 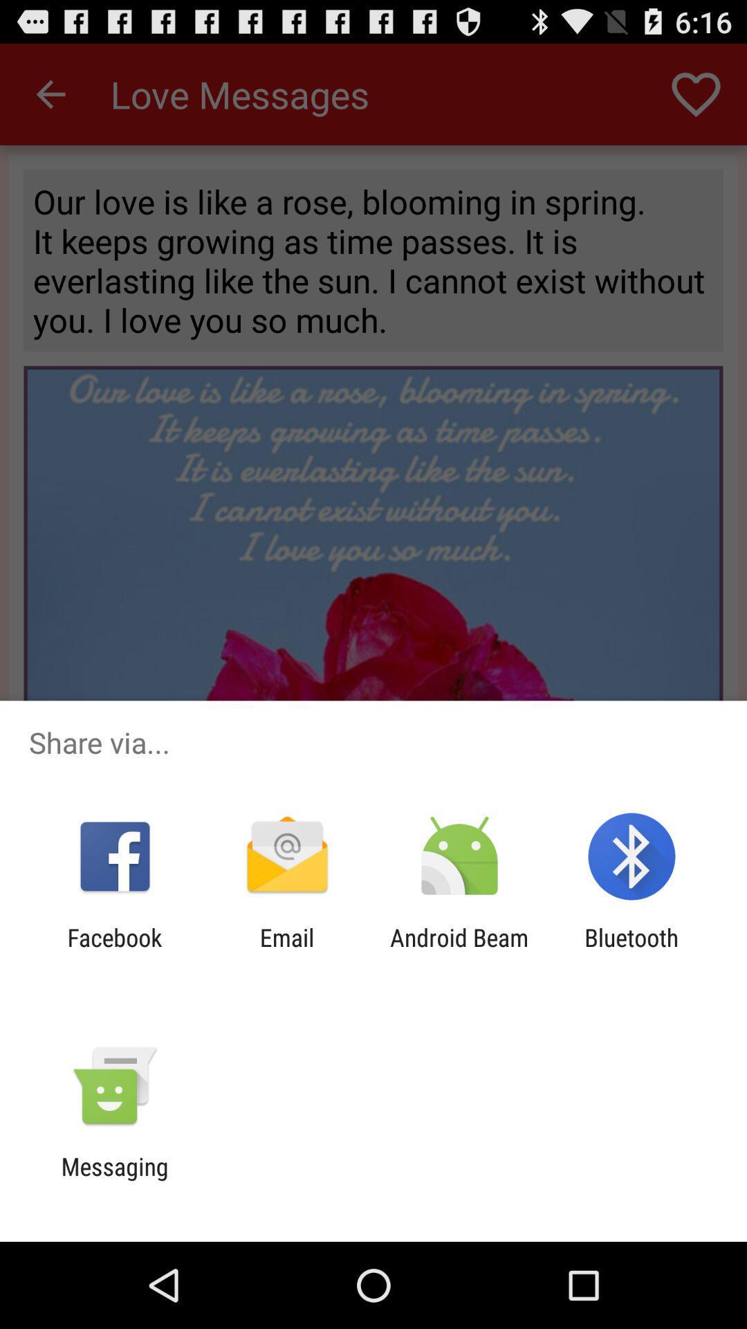 I want to click on the app next to the facebook item, so click(x=286, y=951).